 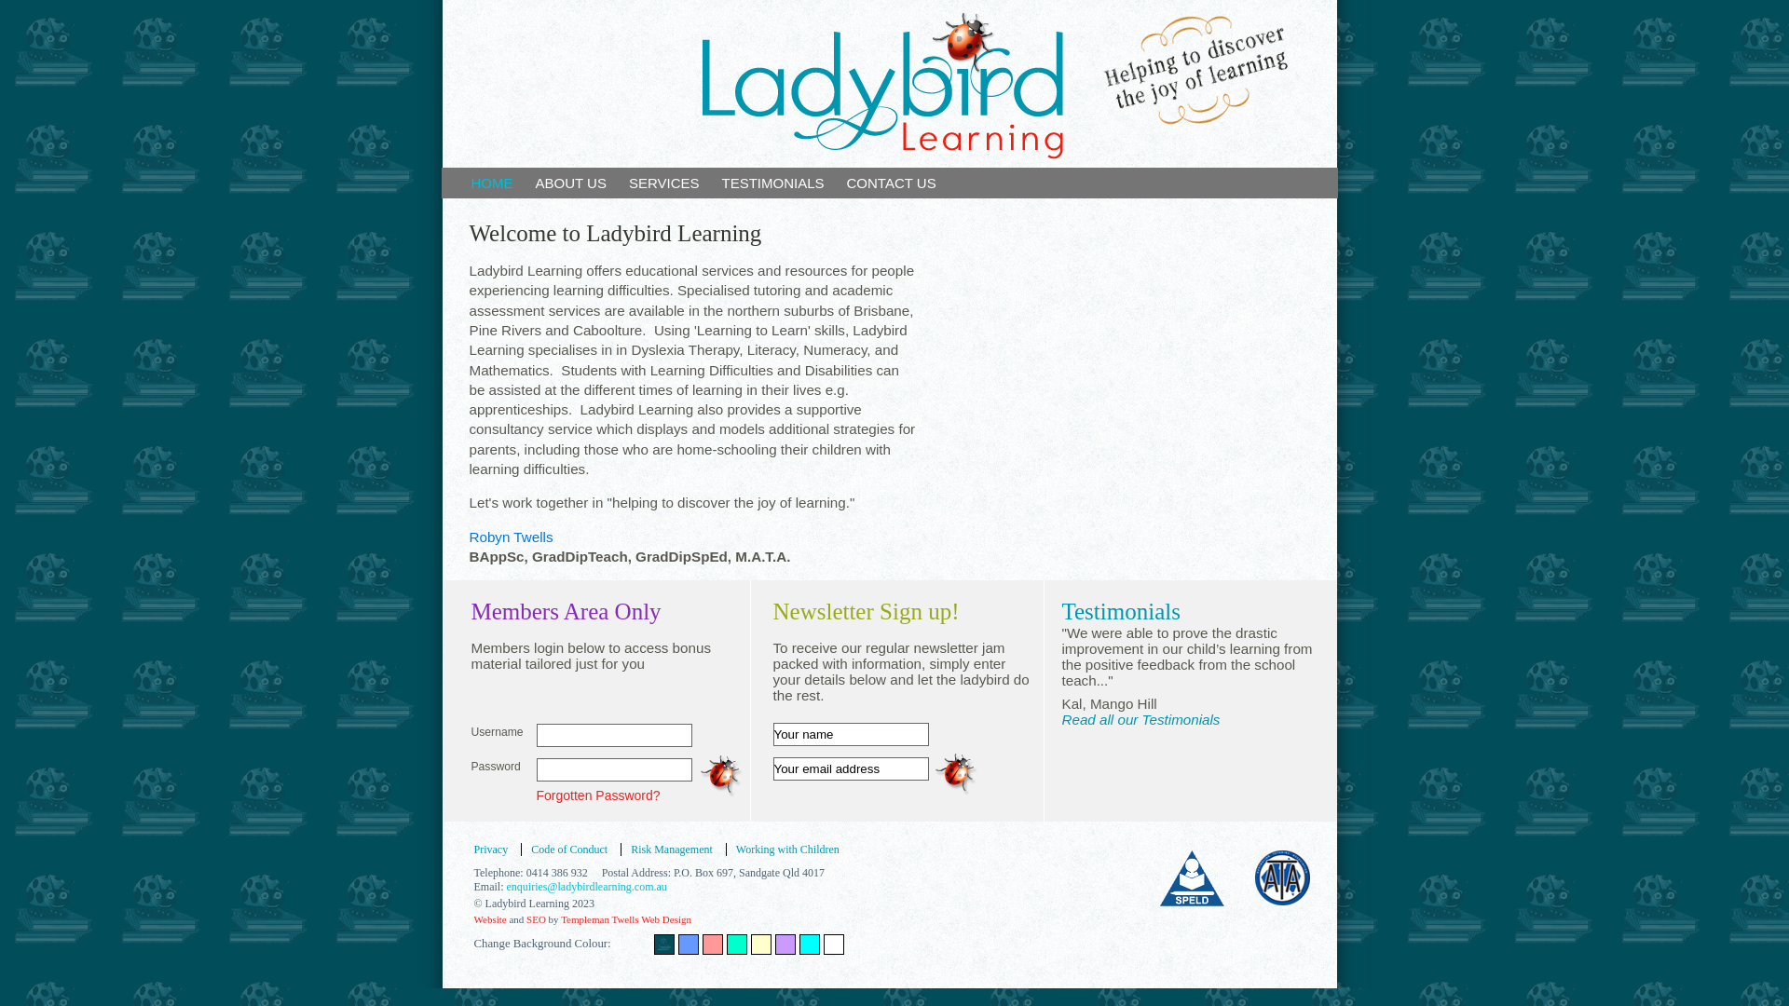 I want to click on 'Submit', so click(x=957, y=772).